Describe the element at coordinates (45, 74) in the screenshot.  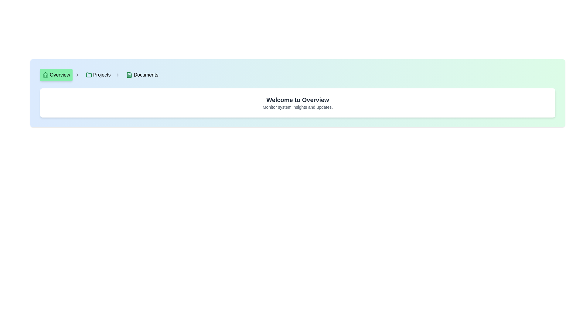
I see `the 'Overview' icon located at the top-left section of the interface, immediately before the 'Overview' text` at that location.